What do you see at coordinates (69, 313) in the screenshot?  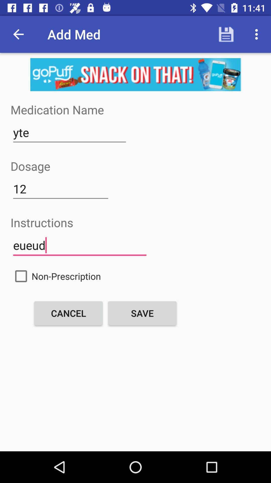 I see `the cancel button` at bounding box center [69, 313].